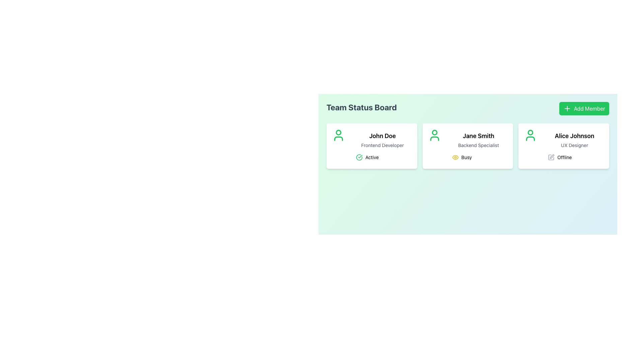 Image resolution: width=643 pixels, height=361 pixels. What do you see at coordinates (478, 145) in the screenshot?
I see `the Text Display Group that displays user information for 'Jane Smith', which is located on the second card from the left in a grid of profile cards` at bounding box center [478, 145].